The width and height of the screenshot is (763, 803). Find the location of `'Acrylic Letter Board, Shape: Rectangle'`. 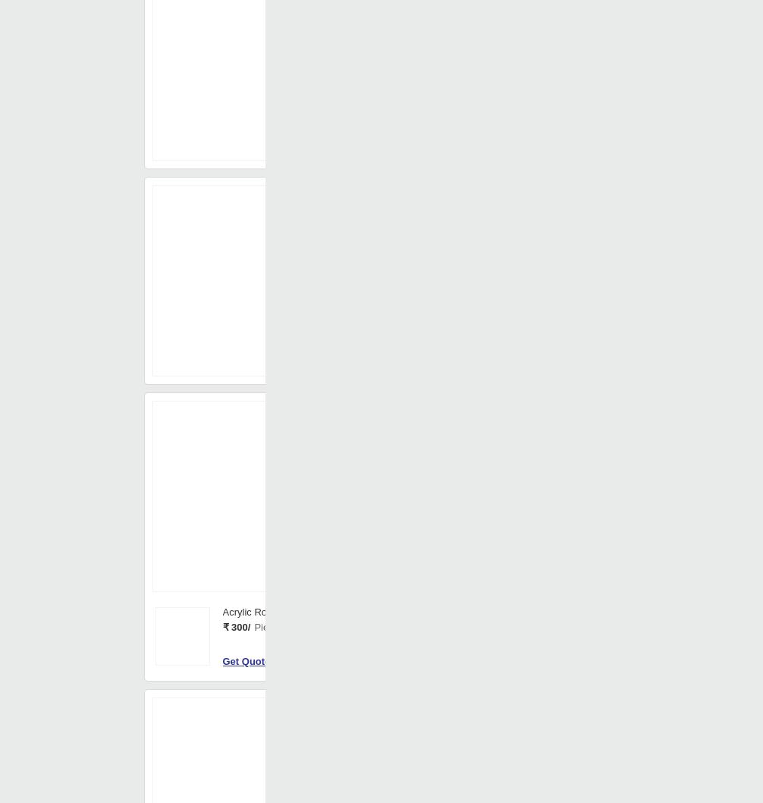

'Acrylic Letter Board, Shape: Rectangle' is located at coordinates (488, 624).